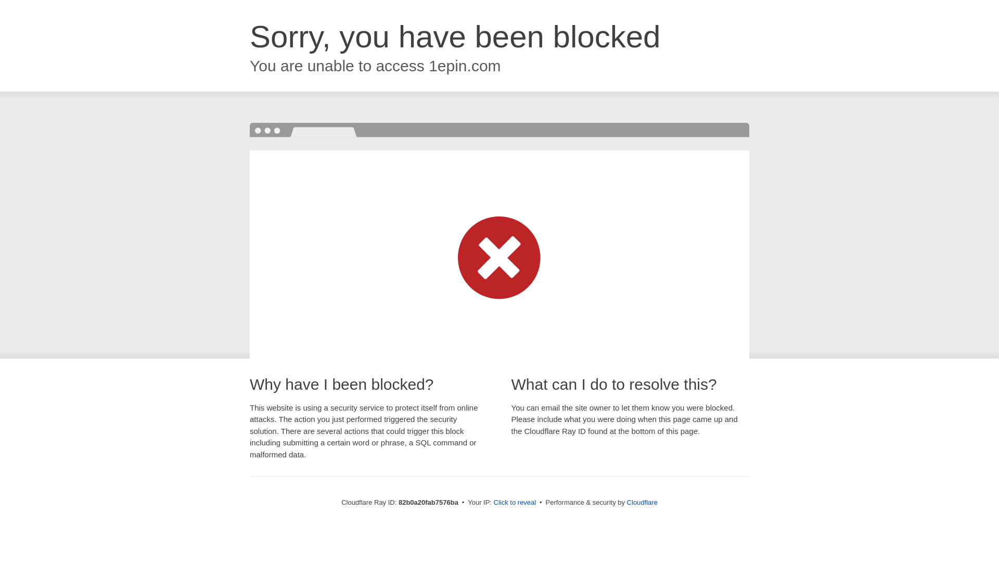  Describe the element at coordinates (515, 502) in the screenshot. I see `'Click to reveal'` at that location.